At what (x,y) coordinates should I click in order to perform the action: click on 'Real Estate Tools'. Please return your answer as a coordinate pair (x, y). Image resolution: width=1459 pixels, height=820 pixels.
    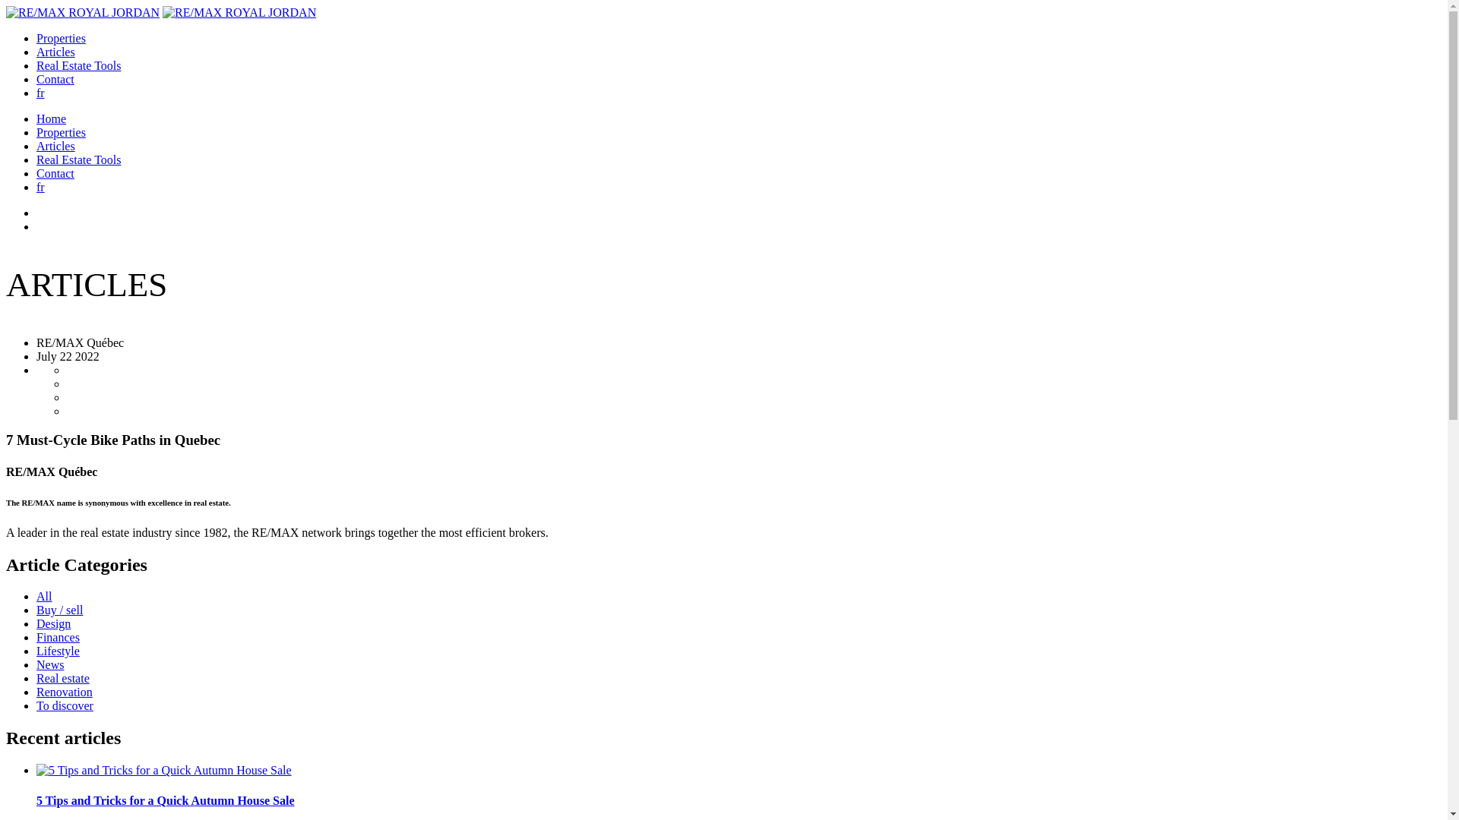
    Looking at the image, I should click on (36, 159).